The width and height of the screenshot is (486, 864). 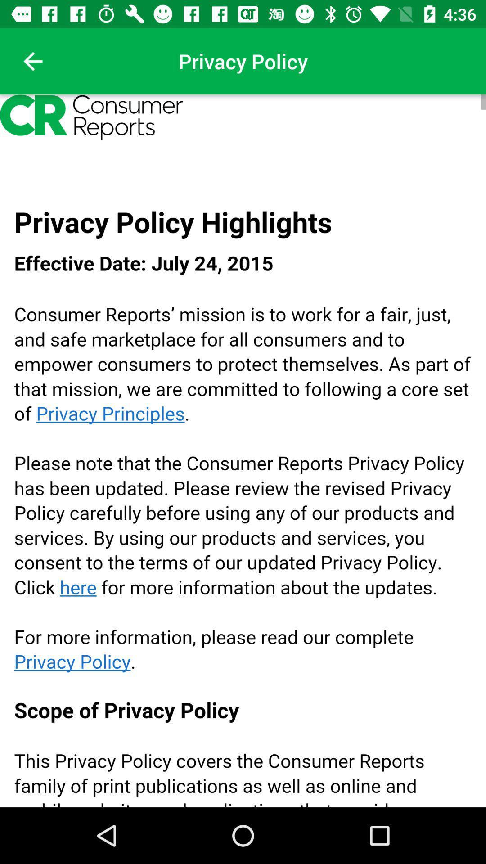 What do you see at coordinates (32, 61) in the screenshot?
I see `previous` at bounding box center [32, 61].